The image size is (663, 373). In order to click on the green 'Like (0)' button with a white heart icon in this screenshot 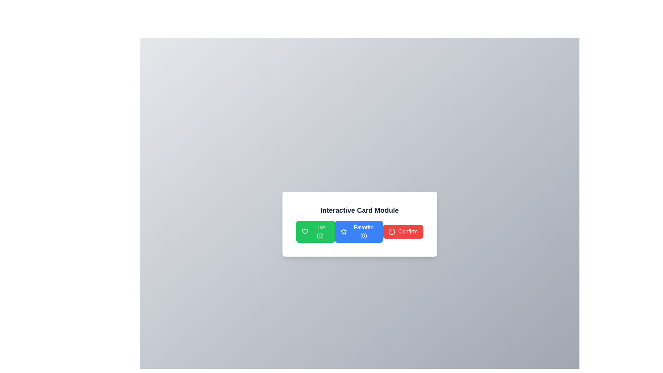, I will do `click(315, 232)`.